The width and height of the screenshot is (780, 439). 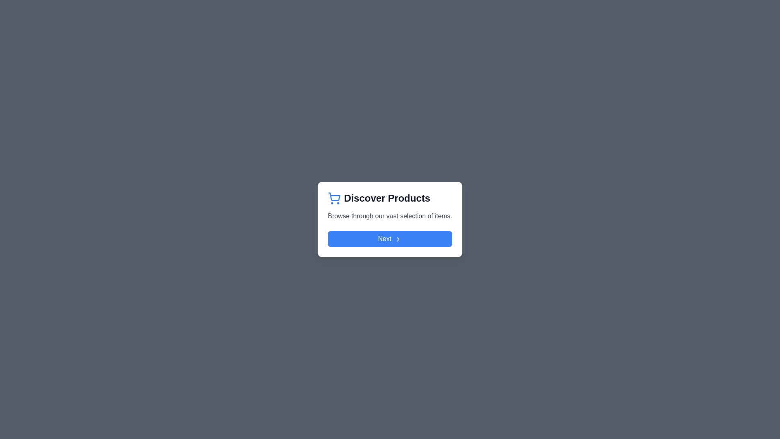 What do you see at coordinates (398, 239) in the screenshot?
I see `the forward action icon located within the blue 'Next' button, positioned towards the right end of the button text` at bounding box center [398, 239].